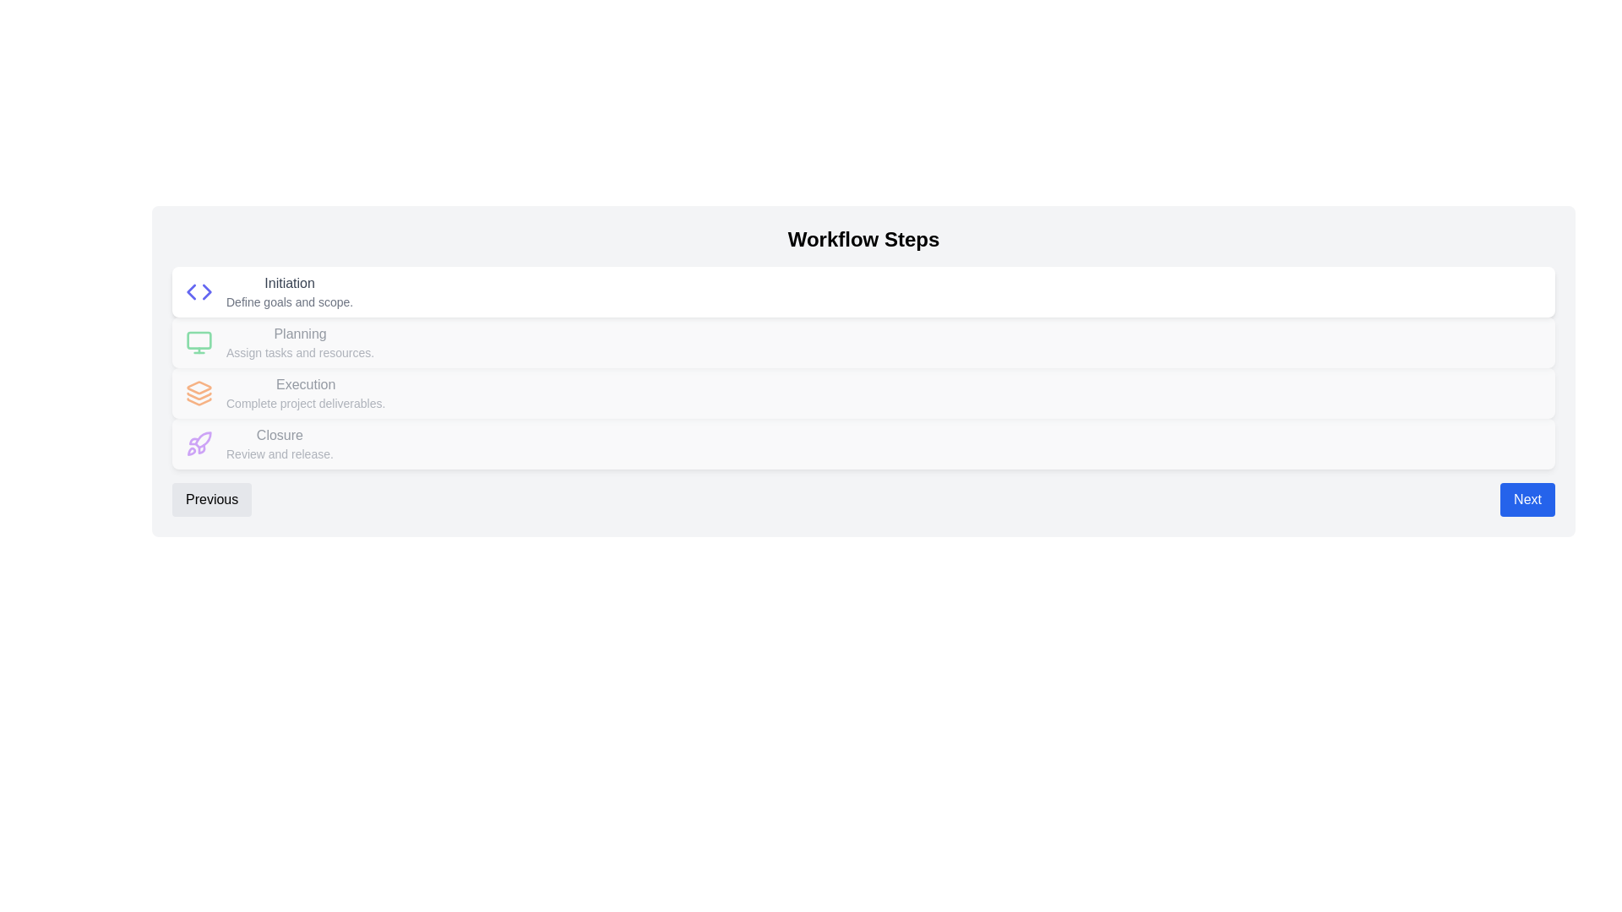  I want to click on the Text Display element that shows 'Closure' in medium gray bold font and 'Review and release.' in smaller light gray text, located in the workflow section of the UI, so click(280, 442).